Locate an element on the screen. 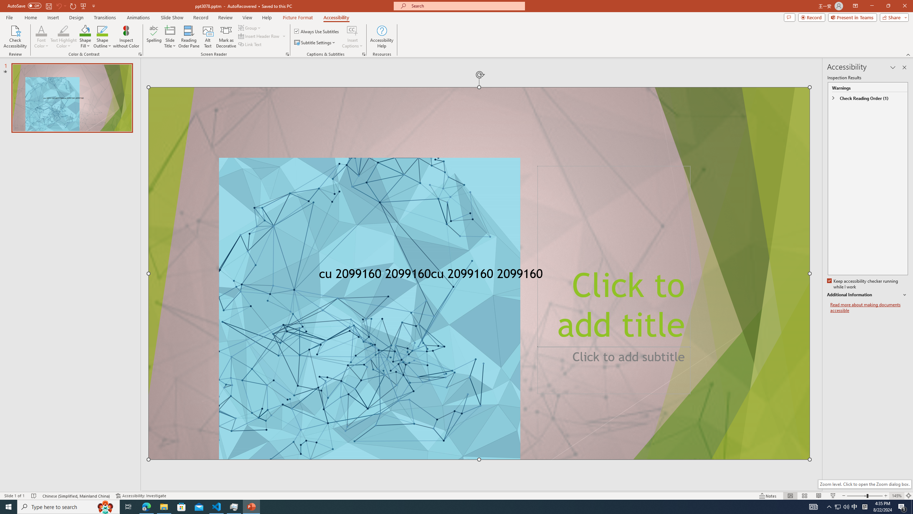 This screenshot has width=913, height=514. 'Keep accessibility checker running while I work' is located at coordinates (863, 284).